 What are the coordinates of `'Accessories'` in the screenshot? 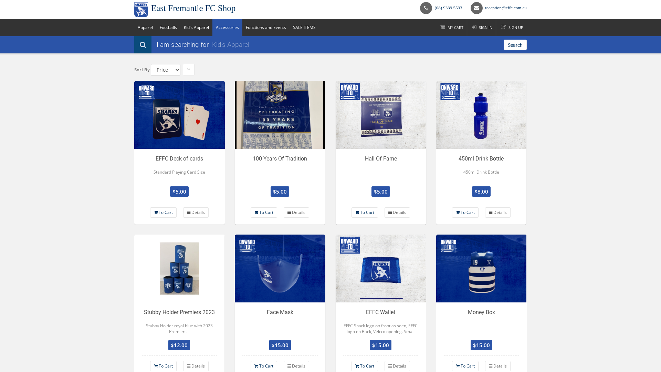 It's located at (227, 27).